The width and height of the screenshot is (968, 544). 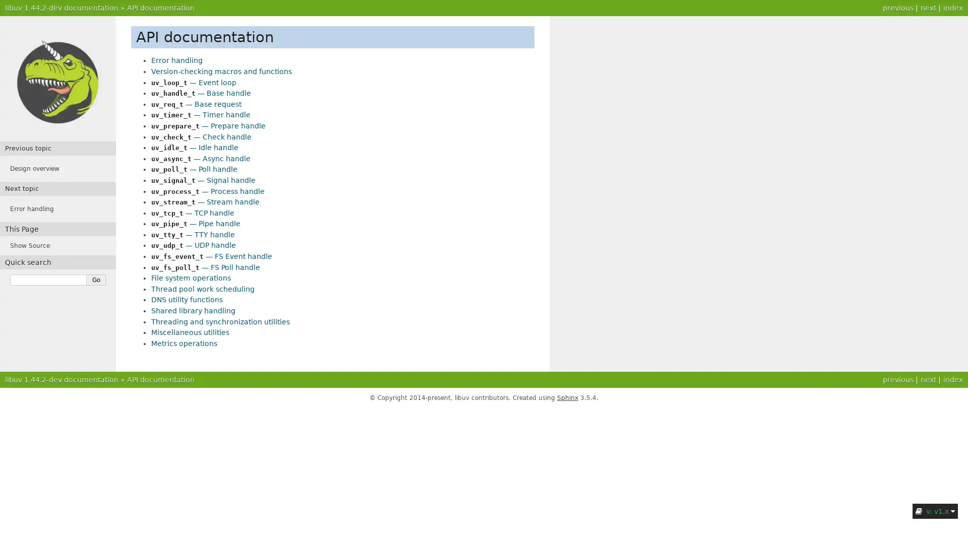 What do you see at coordinates (96, 280) in the screenshot?
I see `Go` at bounding box center [96, 280].